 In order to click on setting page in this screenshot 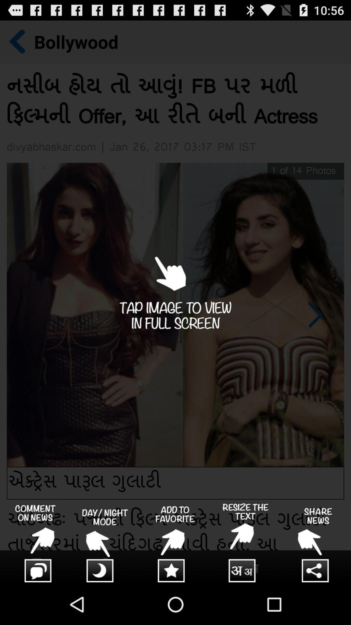, I will do `click(316, 543)`.